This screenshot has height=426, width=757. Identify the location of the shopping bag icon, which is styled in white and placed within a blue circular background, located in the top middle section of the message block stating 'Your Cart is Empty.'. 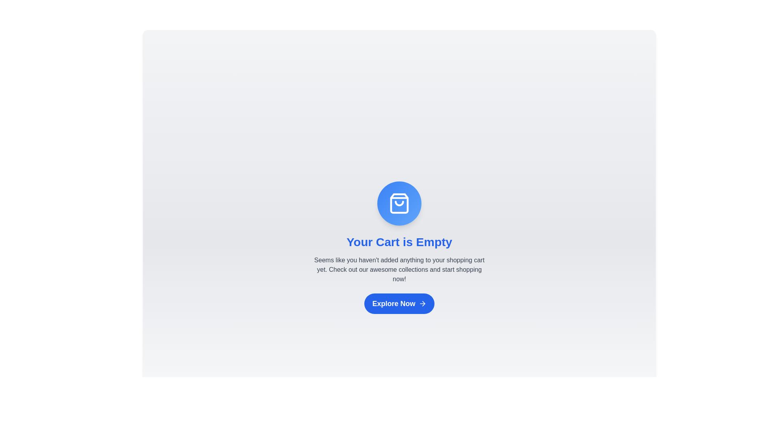
(399, 203).